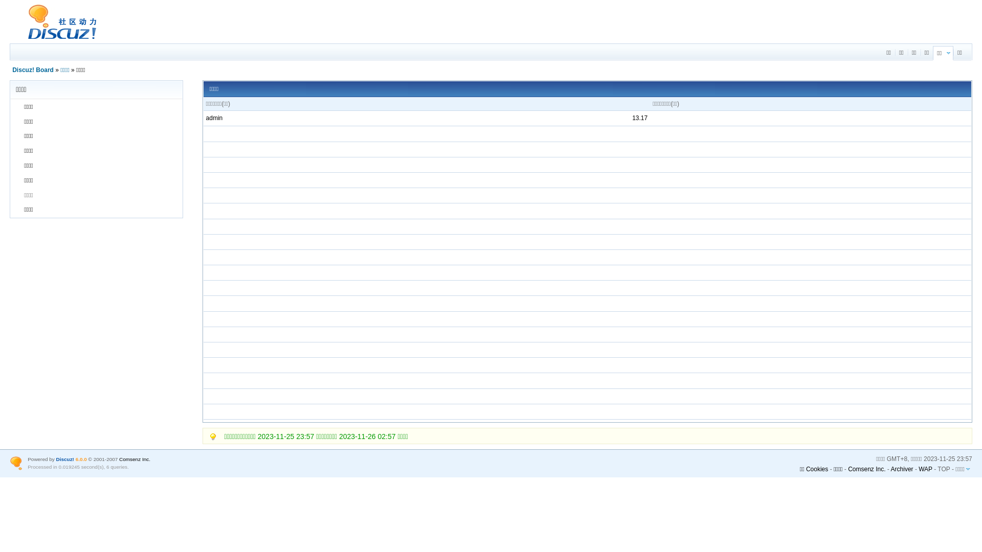 The height and width of the screenshot is (552, 982). What do you see at coordinates (33, 70) in the screenshot?
I see `'Discuz! Board'` at bounding box center [33, 70].